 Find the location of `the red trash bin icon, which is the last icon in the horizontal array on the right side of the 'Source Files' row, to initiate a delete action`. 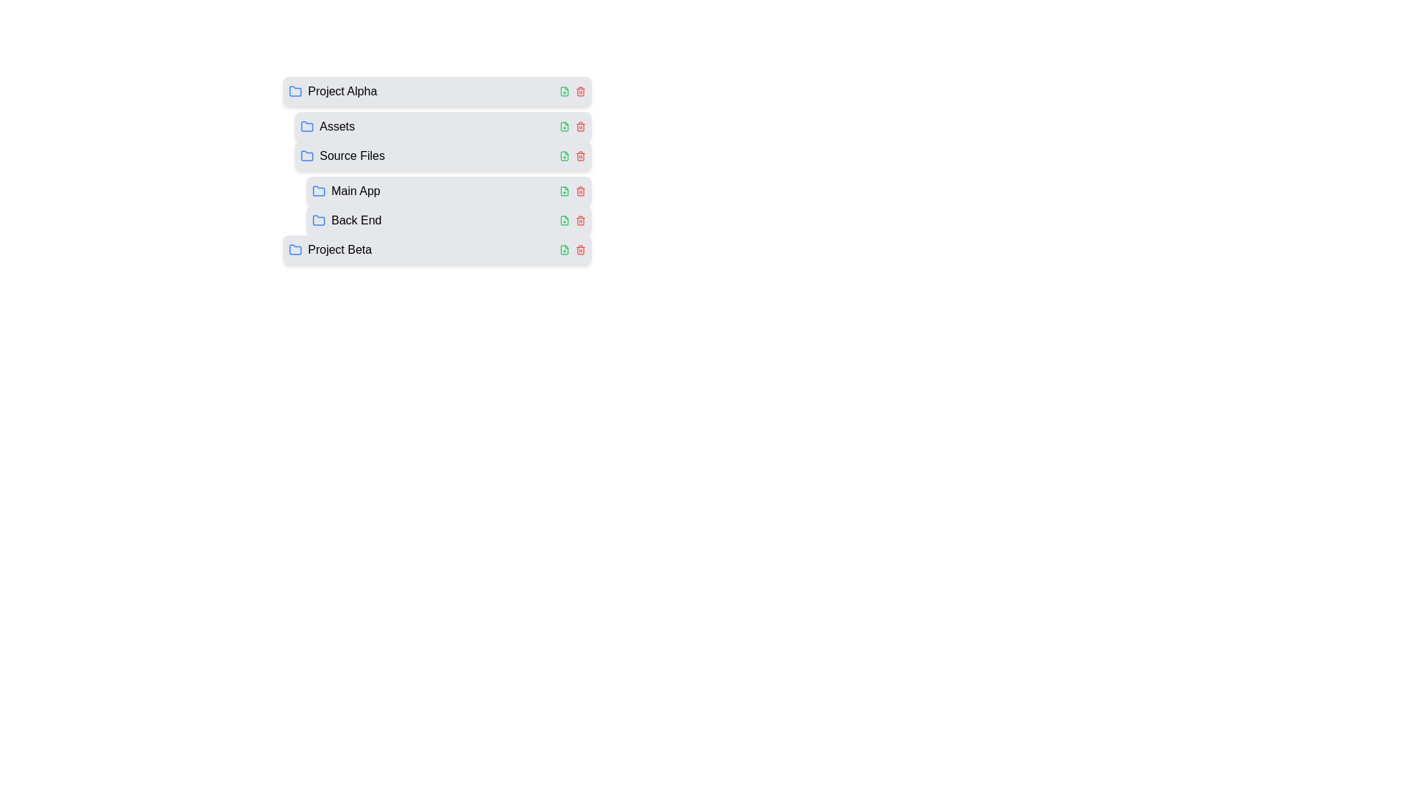

the red trash bin icon, which is the last icon in the horizontal array on the right side of the 'Source Files' row, to initiate a delete action is located at coordinates (580, 155).